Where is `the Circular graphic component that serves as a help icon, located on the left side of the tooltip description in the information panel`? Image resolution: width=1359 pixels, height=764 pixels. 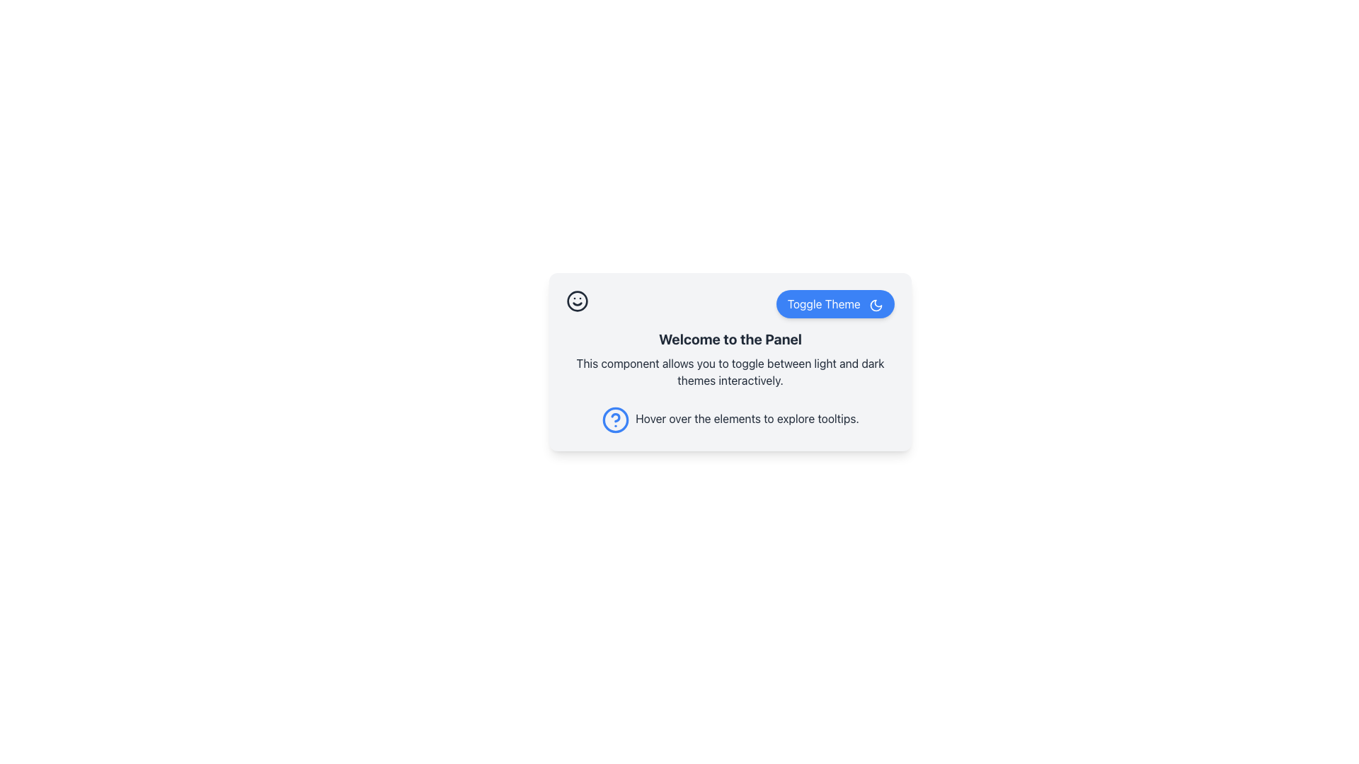
the Circular graphic component that serves as a help icon, located on the left side of the tooltip description in the information panel is located at coordinates (616, 419).